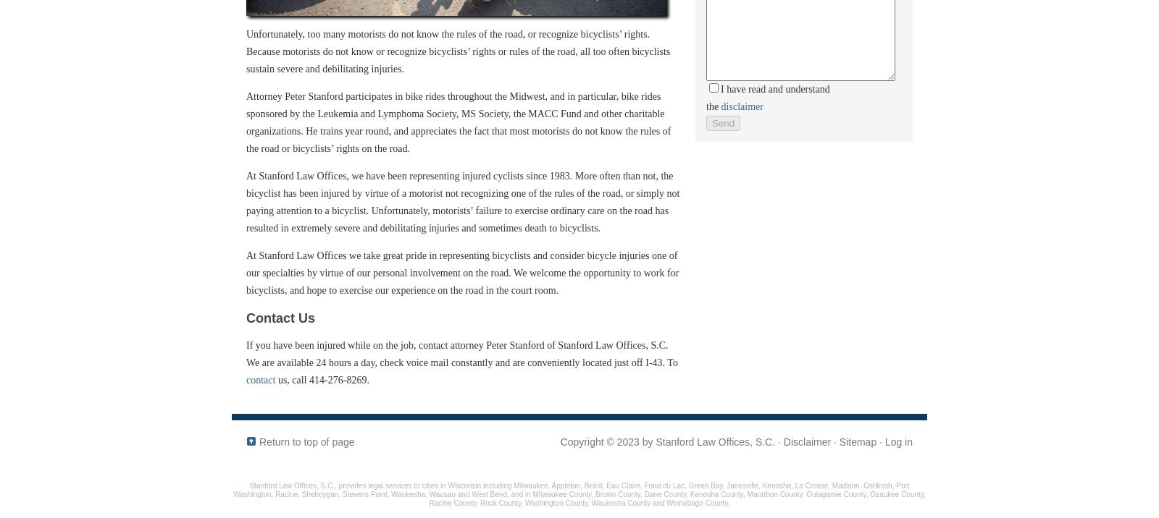 The image size is (1159, 518). I want to click on 'Attorney Peter Stanford participates in bike rides throughout the Midwest, and in particular, bike rides sponsored by the Leukemia and Lymphoma Society, MS Society, the MACC Fund and other charitable organizations. He trains year round, and appreciates the fact that most motorists do not know the rules of the road or bicyclists’ rights on the road.', so click(458, 122).